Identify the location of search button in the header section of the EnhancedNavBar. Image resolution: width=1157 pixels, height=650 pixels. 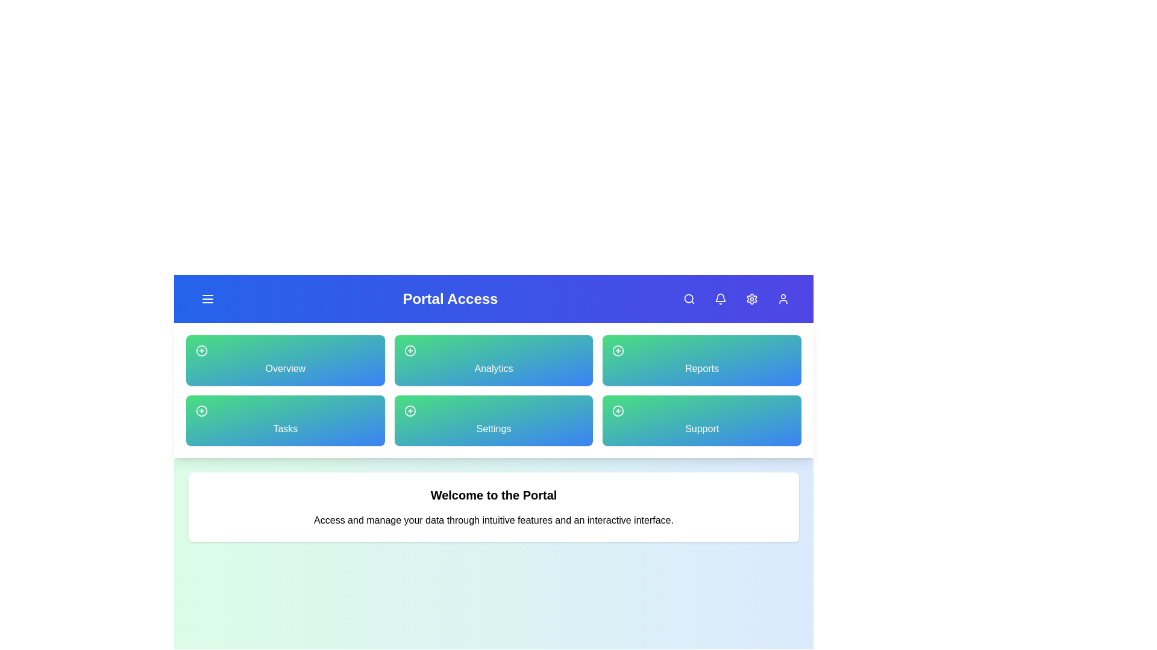
(689, 299).